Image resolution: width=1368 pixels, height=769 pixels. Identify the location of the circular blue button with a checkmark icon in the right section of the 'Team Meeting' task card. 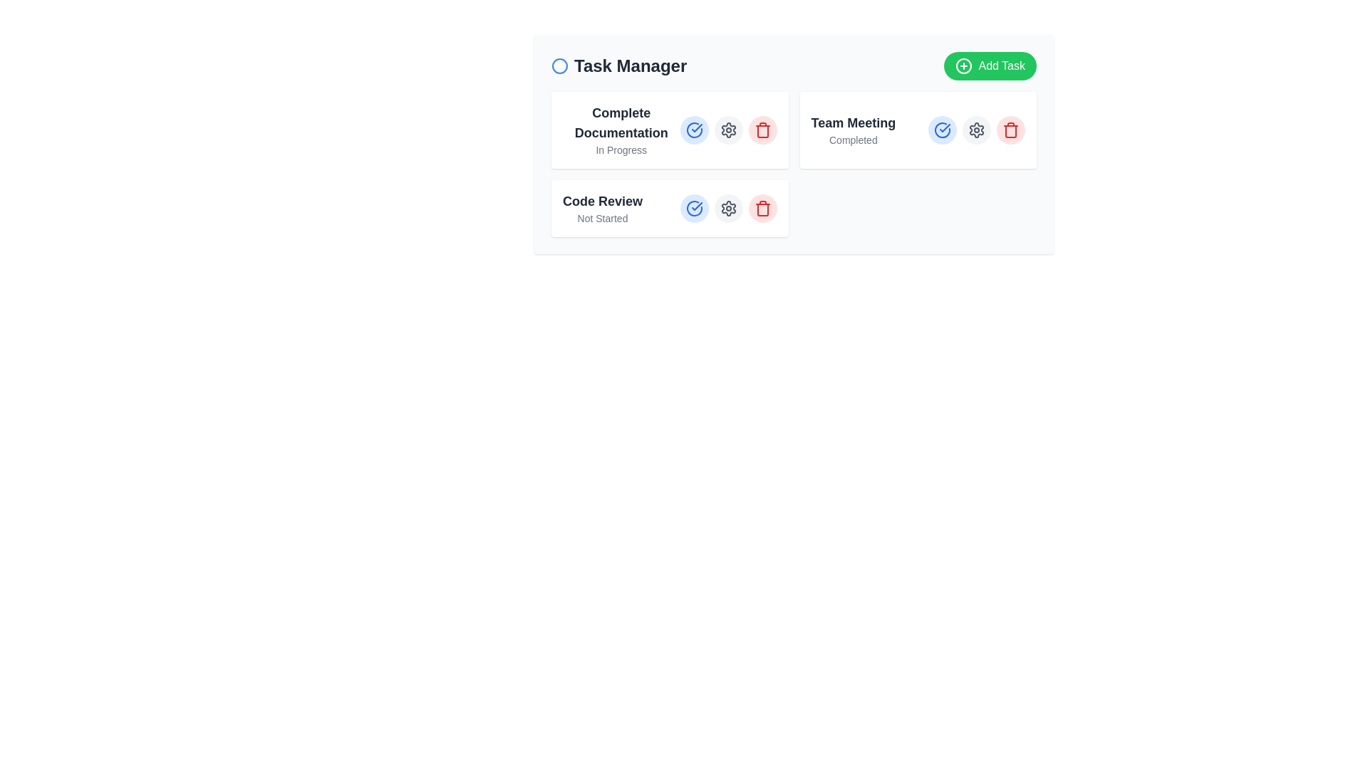
(943, 130).